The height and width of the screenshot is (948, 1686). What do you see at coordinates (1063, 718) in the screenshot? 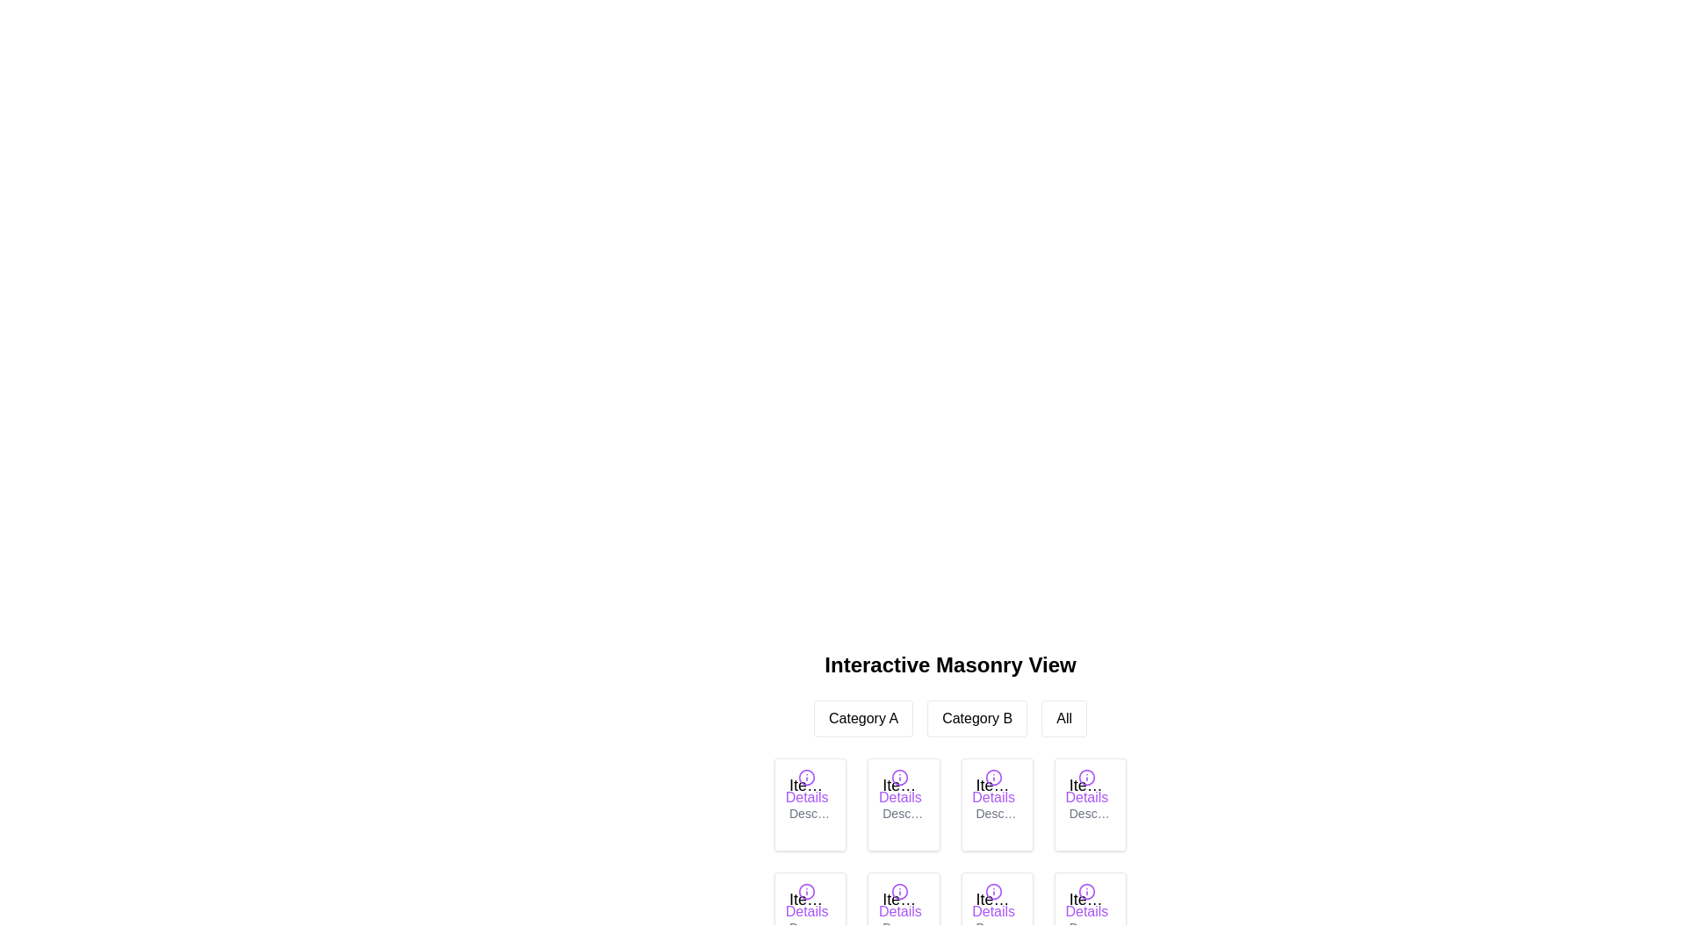
I see `the third button in the horizontal row below the heading 'Interactive Masonry View' to filter content` at bounding box center [1063, 718].